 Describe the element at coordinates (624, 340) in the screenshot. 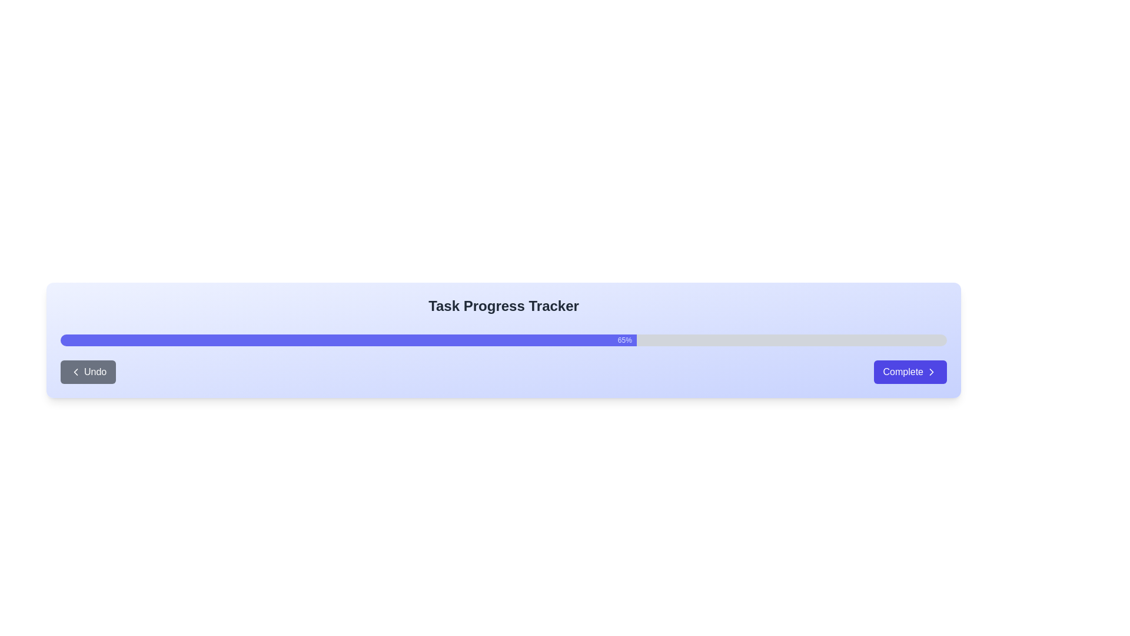

I see `progress percentage value from the Text Label located on the right edge of the progress bar, which visually indicates the current completion percentage` at that location.